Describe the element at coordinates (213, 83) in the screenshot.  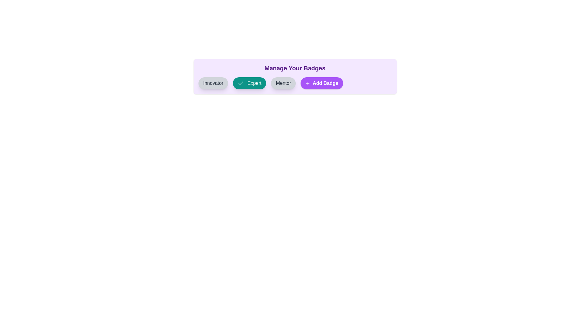
I see `the badge labeled Innovator` at that location.